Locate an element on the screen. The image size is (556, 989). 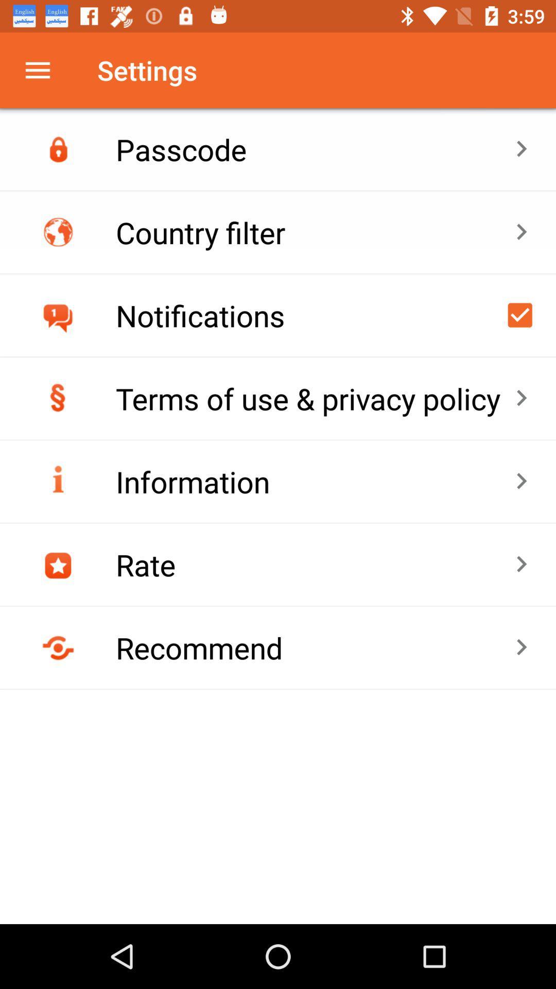
right click option is located at coordinates (520, 314).